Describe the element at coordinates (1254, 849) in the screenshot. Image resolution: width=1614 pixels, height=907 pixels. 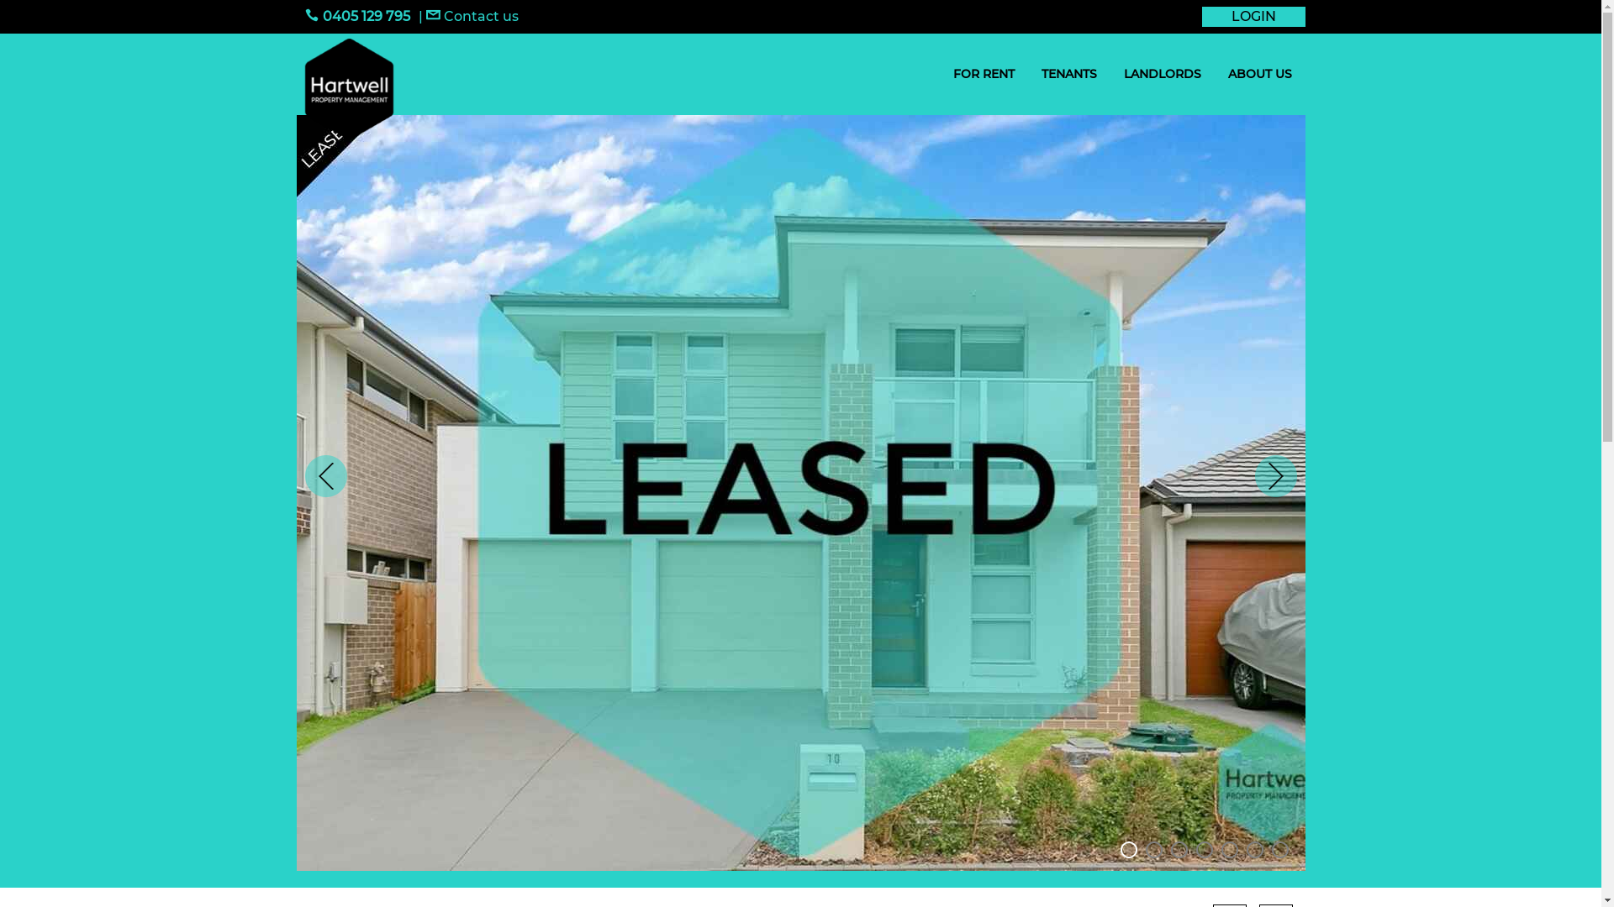
I see `'6'` at that location.